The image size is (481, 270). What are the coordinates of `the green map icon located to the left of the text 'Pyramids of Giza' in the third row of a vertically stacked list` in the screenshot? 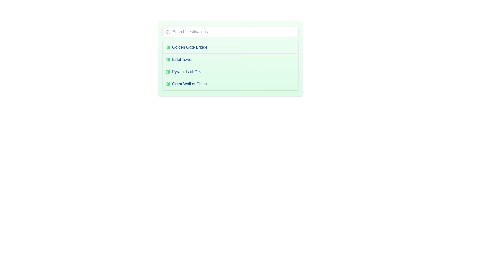 It's located at (168, 72).